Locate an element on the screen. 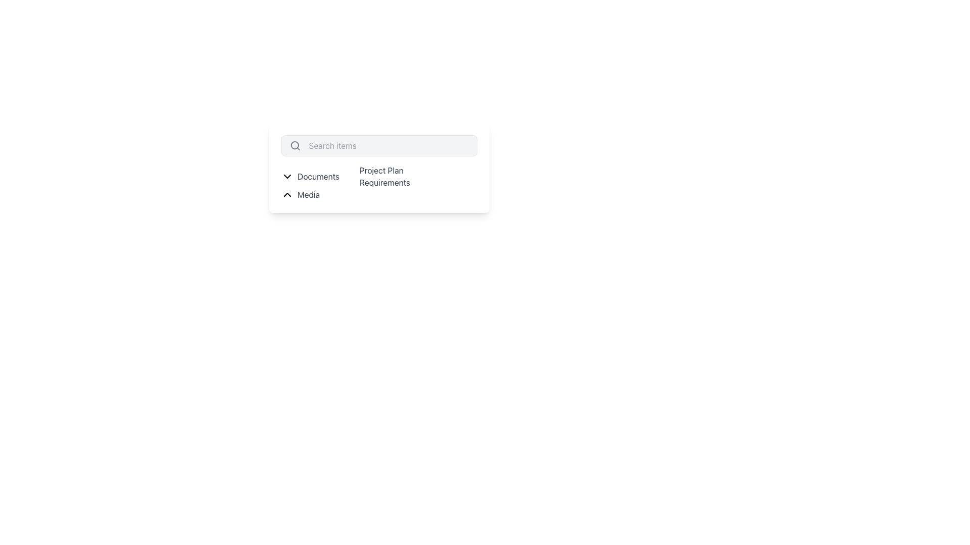 The image size is (970, 545). the collapsible section of the Collapsible Panel and Search Bar is located at coordinates (378, 207).